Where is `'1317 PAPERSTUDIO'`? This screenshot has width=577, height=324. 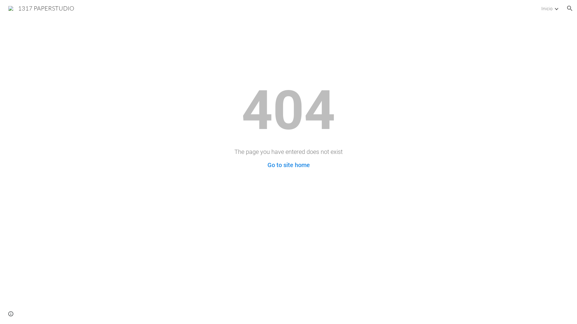
'1317 PAPERSTUDIO' is located at coordinates (41, 7).